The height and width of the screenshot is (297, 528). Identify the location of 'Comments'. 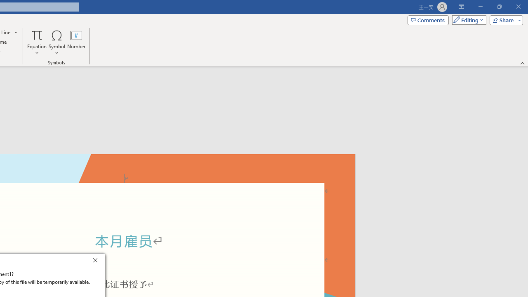
(428, 19).